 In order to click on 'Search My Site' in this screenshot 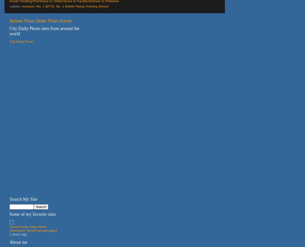, I will do `click(10, 199)`.